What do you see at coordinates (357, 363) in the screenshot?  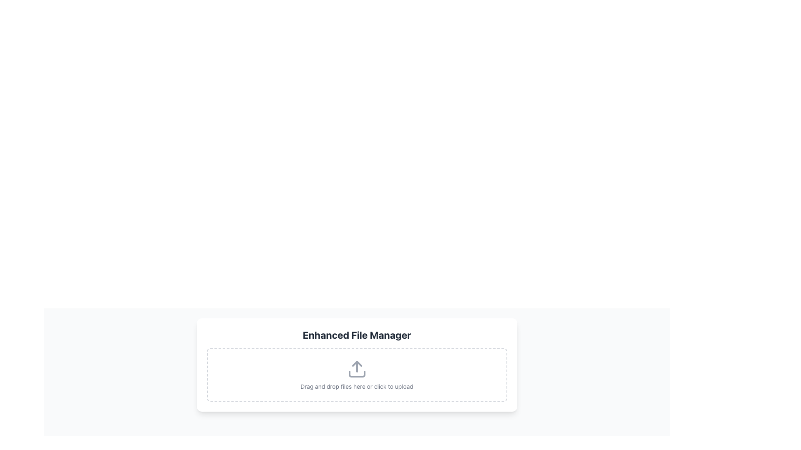 I see `the triangular SVG element with a gray border in the 'Enhanced File Manager' module` at bounding box center [357, 363].